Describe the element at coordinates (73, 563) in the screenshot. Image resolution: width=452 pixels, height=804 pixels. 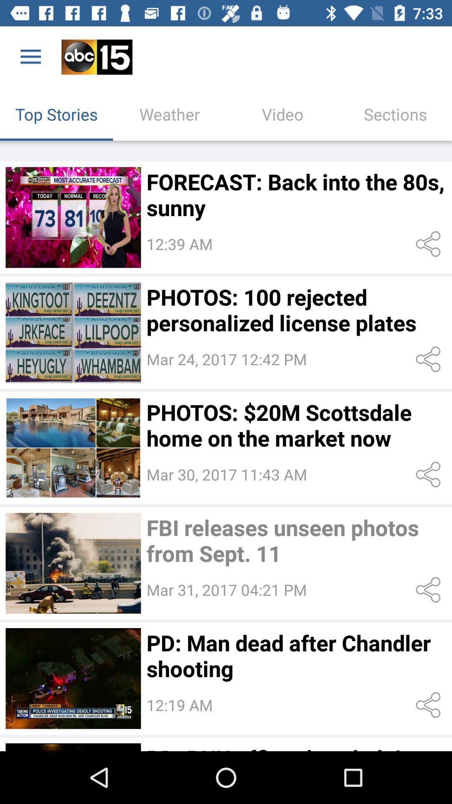
I see `story` at that location.